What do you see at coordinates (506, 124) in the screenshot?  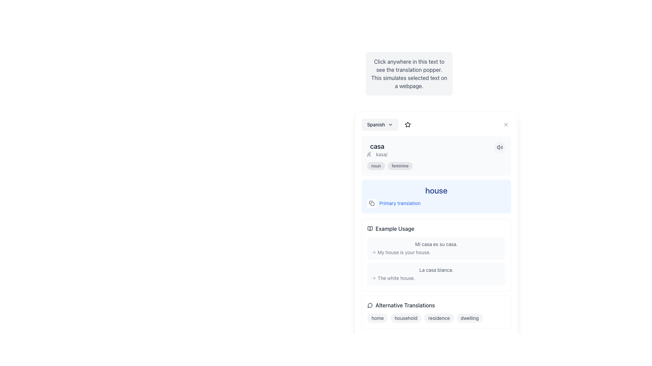 I see `the Close Icon (SVG) in the top-right corner of the modal` at bounding box center [506, 124].